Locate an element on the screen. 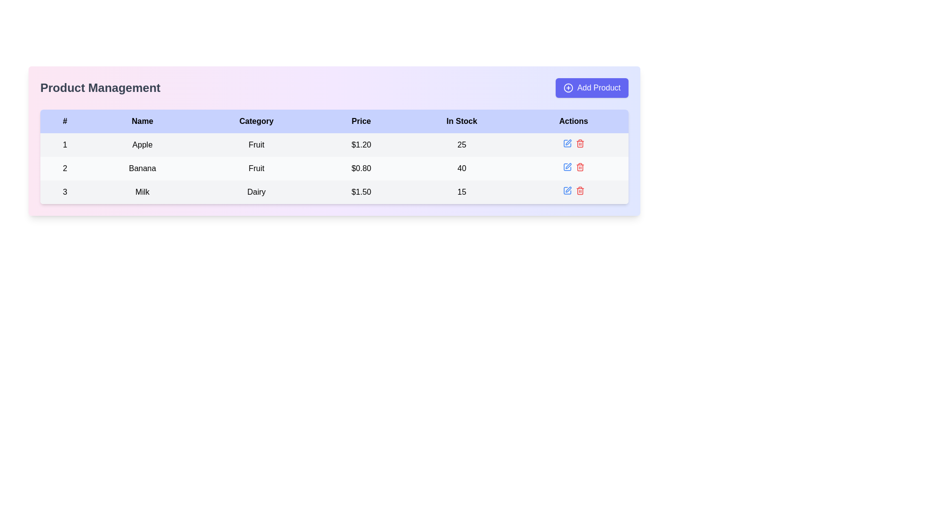  the text label displaying 'Apple' located in the second cell of the first row in the 'Name' column of the table is located at coordinates (142, 145).